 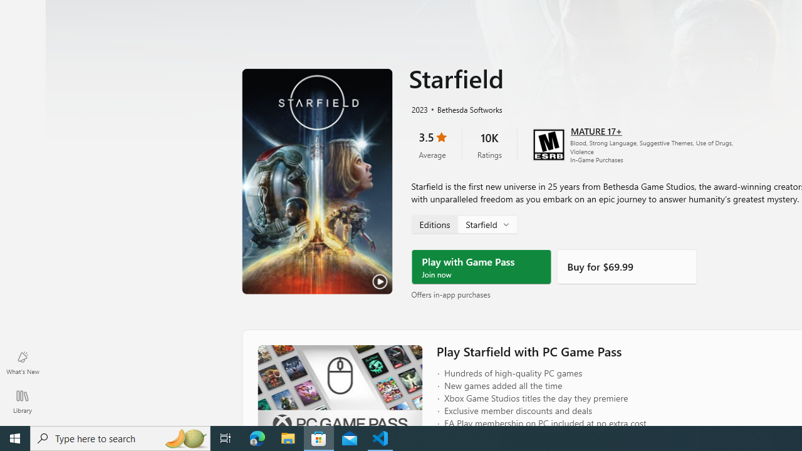 What do you see at coordinates (432, 143) in the screenshot?
I see `'3.5 stars. Click to skip to ratings and reviews'` at bounding box center [432, 143].